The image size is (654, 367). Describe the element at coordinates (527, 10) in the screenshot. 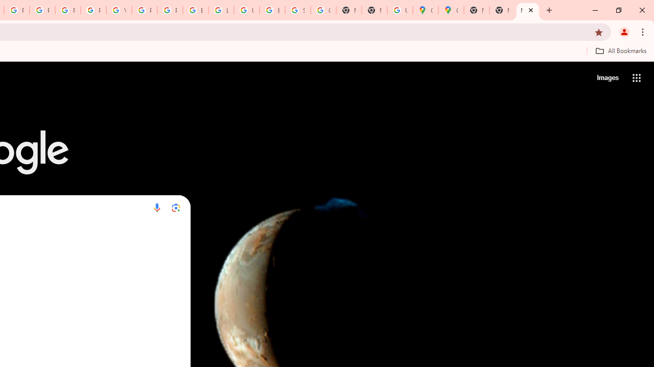

I see `'New Tab'` at that location.